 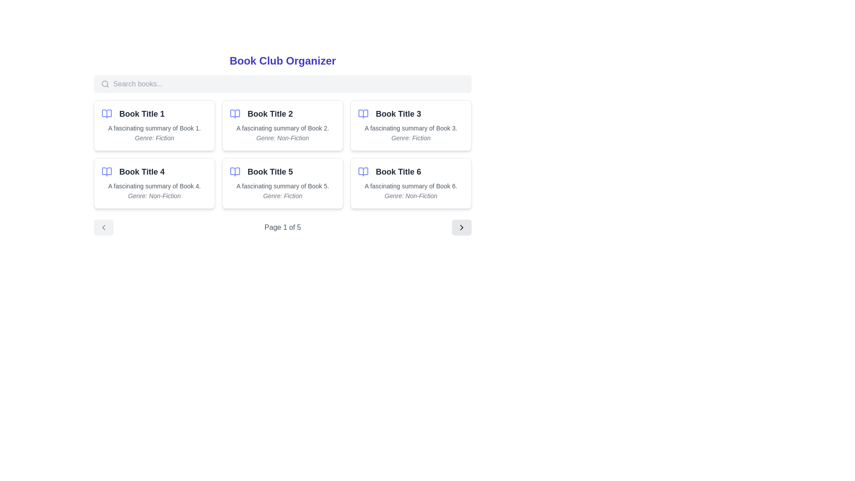 I want to click on the first pagination button that allows navigation to the previous page of the book grid, located next to the text 'Page 1 of 5', so click(x=104, y=227).